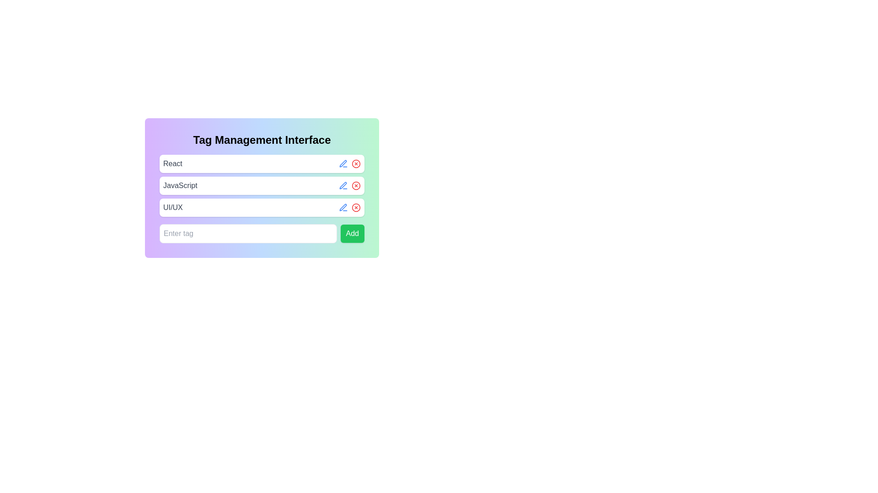 The width and height of the screenshot is (878, 493). I want to click on the decorative icon element that is part of the crossed-out circle, located in the bottom-most row on the far right of the UI/UX tag list, so click(355, 208).